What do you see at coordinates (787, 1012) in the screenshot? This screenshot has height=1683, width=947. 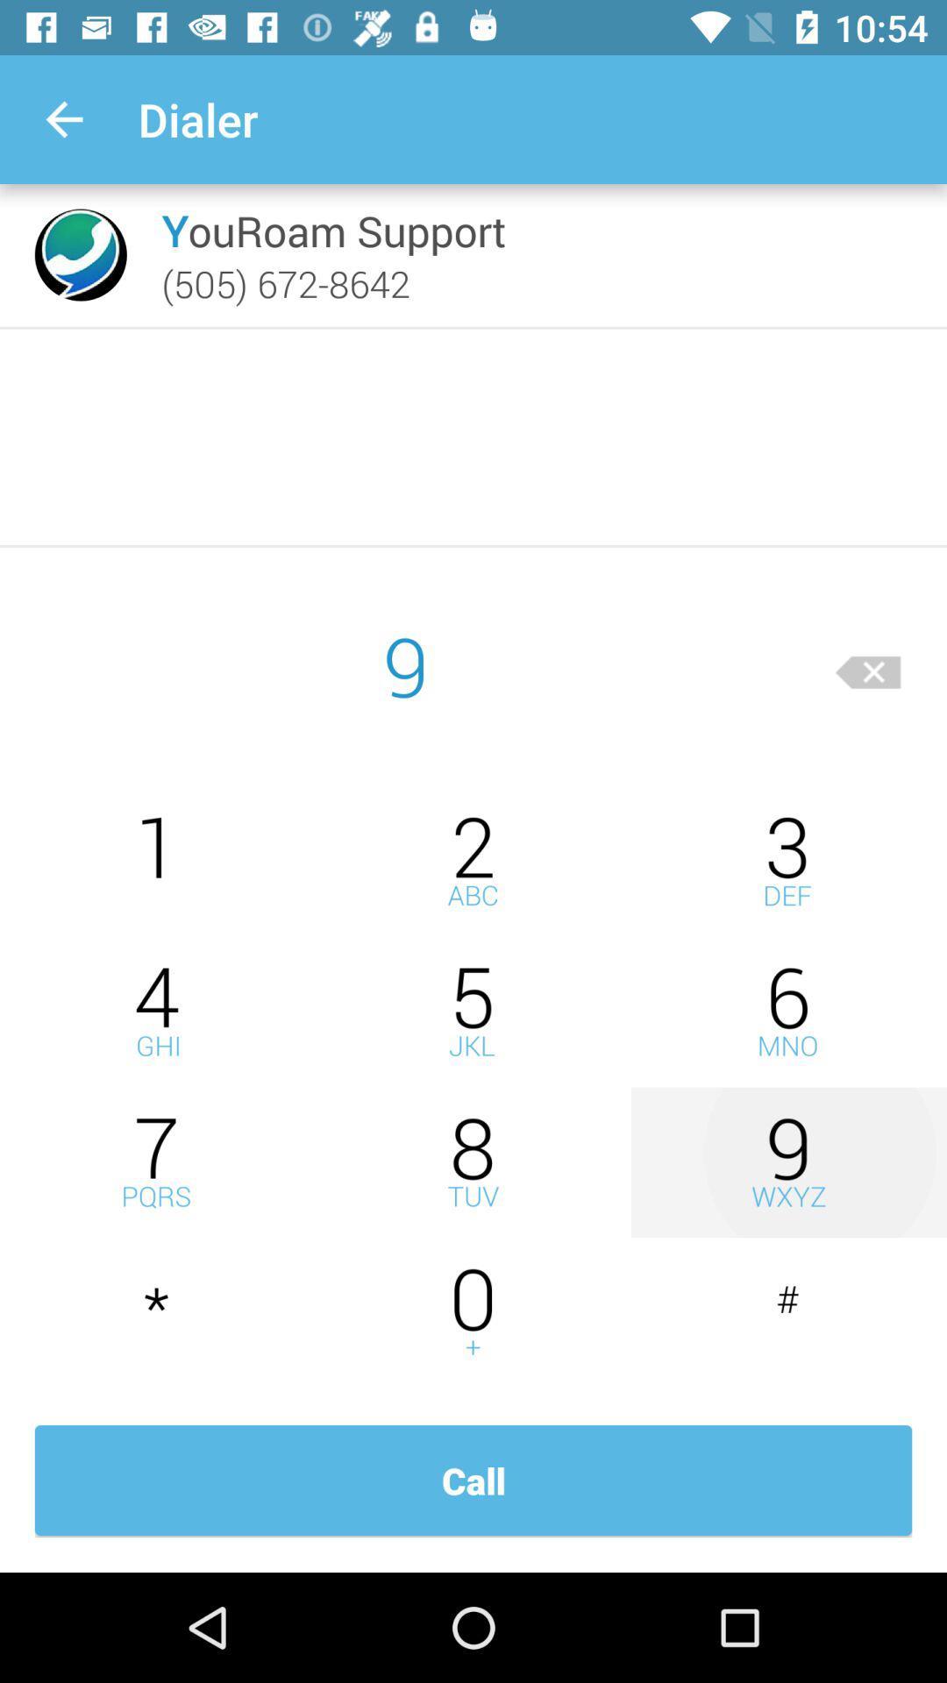 I see `number 6` at bounding box center [787, 1012].